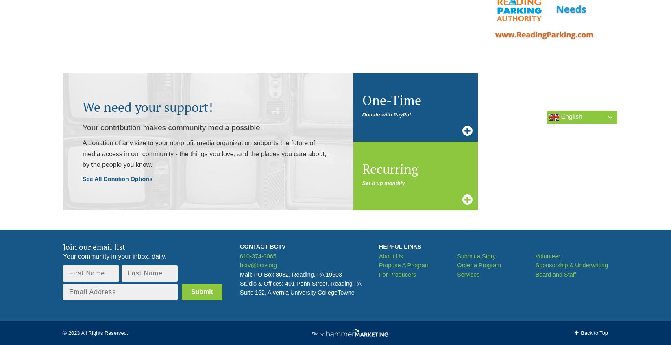  I want to click on 'Sponsorship & Underwriting', so click(571, 265).